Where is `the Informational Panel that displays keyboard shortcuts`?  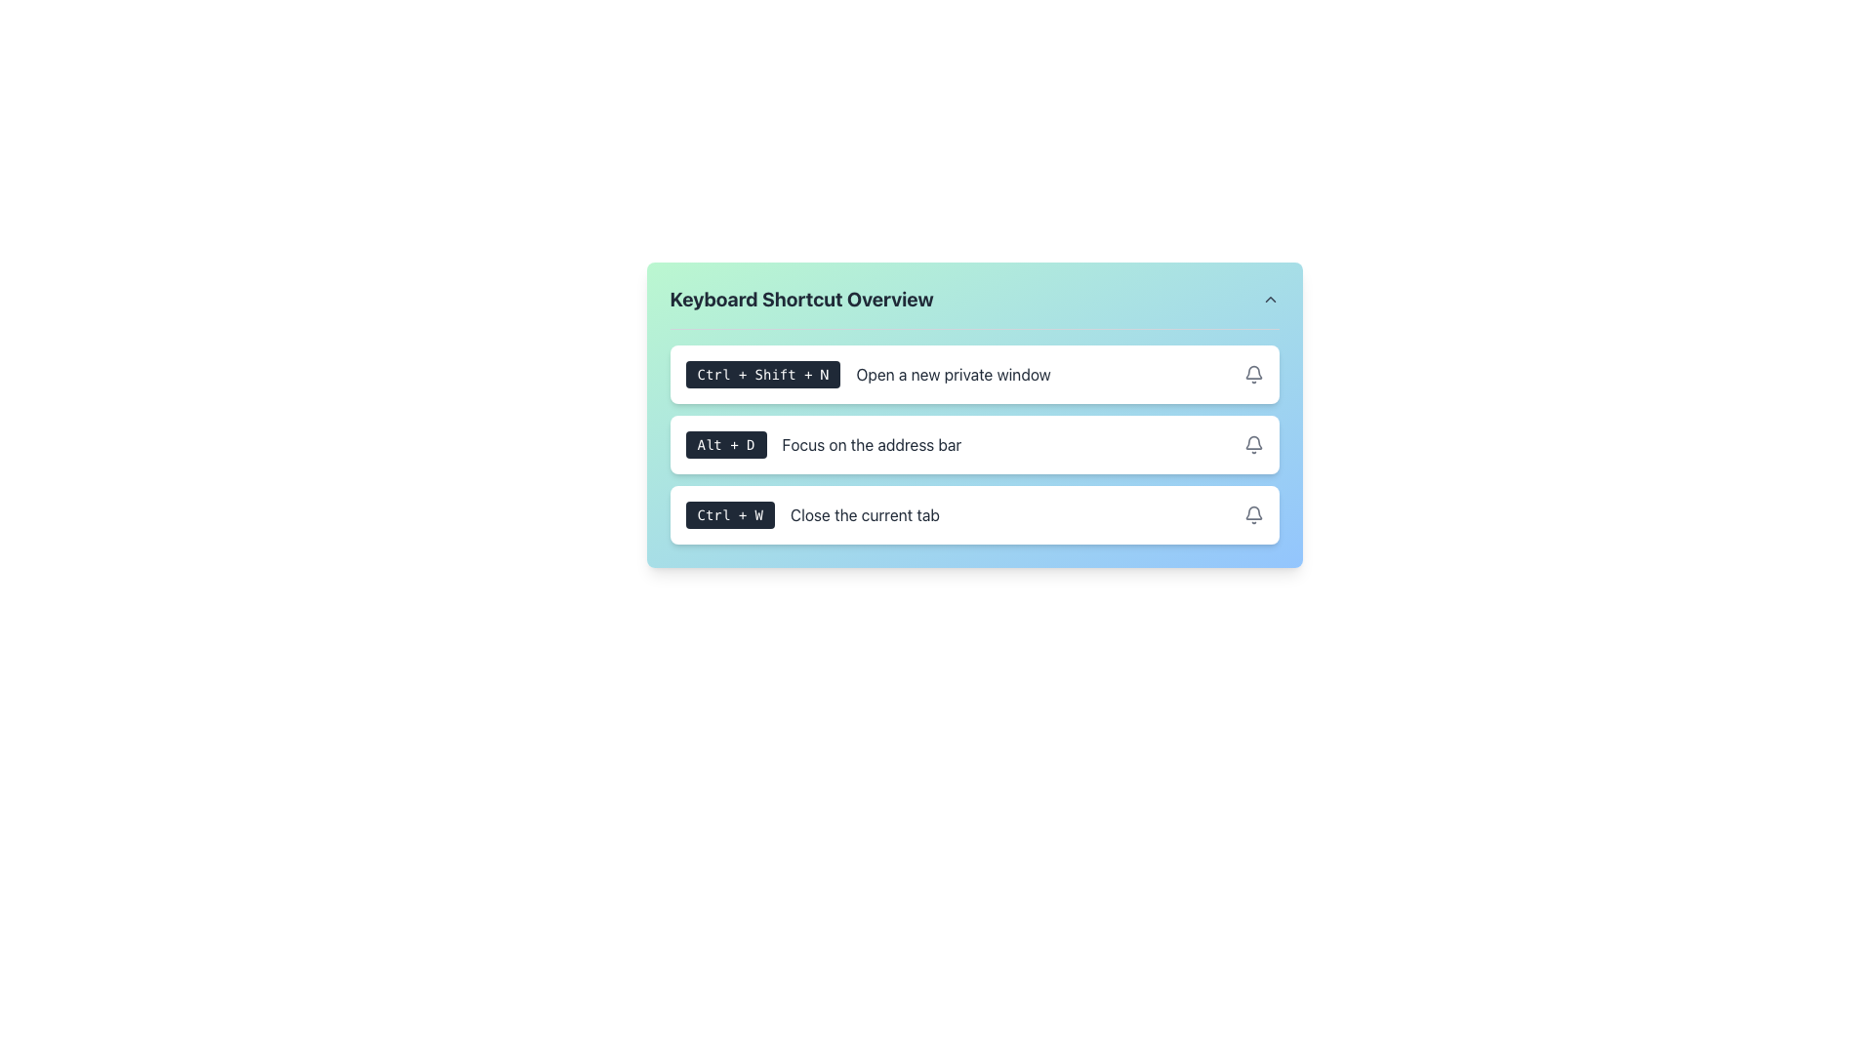
the Informational Panel that displays keyboard shortcuts is located at coordinates (974, 440).